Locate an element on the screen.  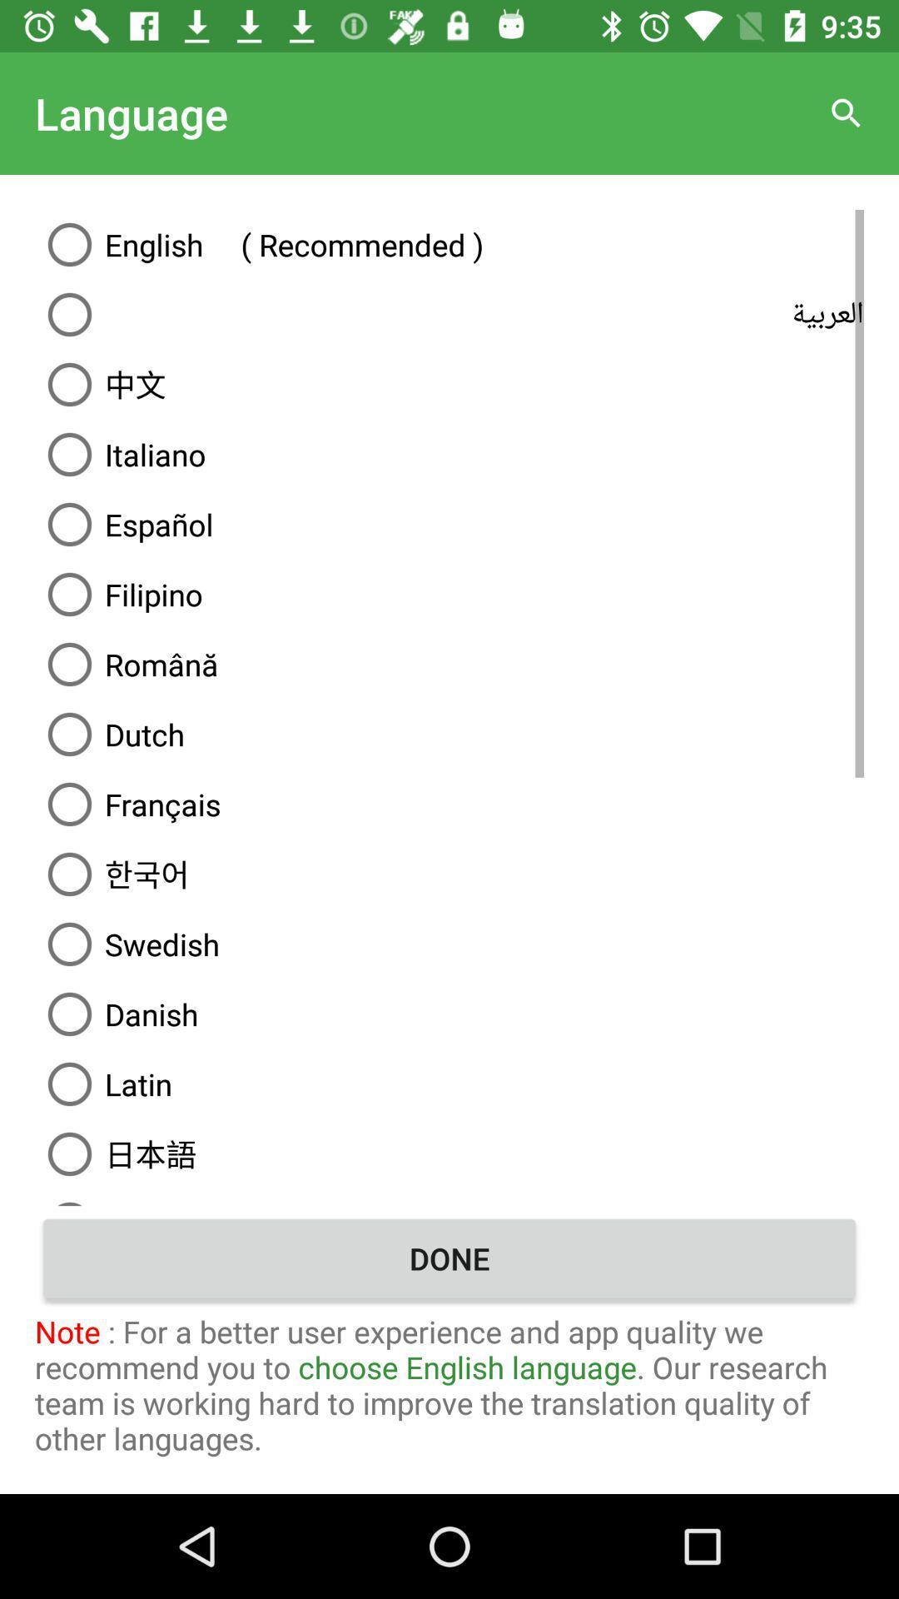
swedish item is located at coordinates (449, 944).